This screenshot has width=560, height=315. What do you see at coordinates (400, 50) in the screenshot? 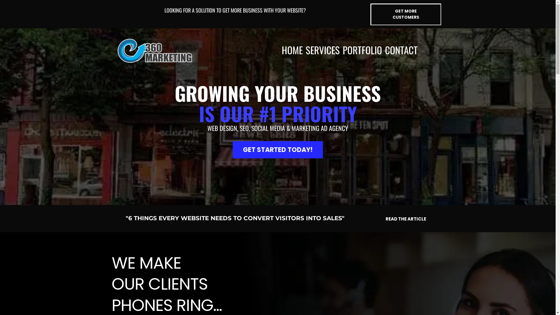
I see `'CONTACT'` at bounding box center [400, 50].